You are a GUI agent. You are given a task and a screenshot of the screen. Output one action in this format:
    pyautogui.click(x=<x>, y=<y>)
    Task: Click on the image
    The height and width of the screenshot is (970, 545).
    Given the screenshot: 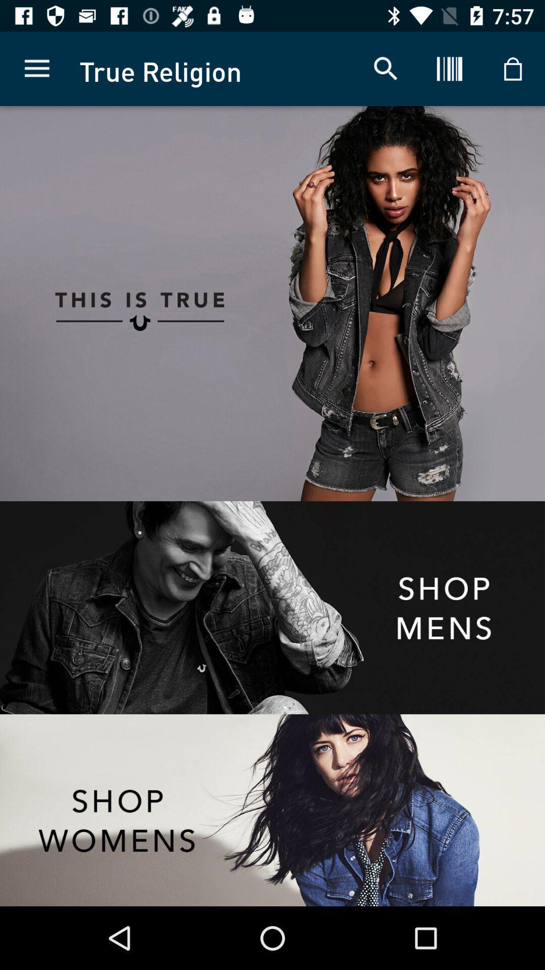 What is the action you would take?
    pyautogui.click(x=409, y=303)
    